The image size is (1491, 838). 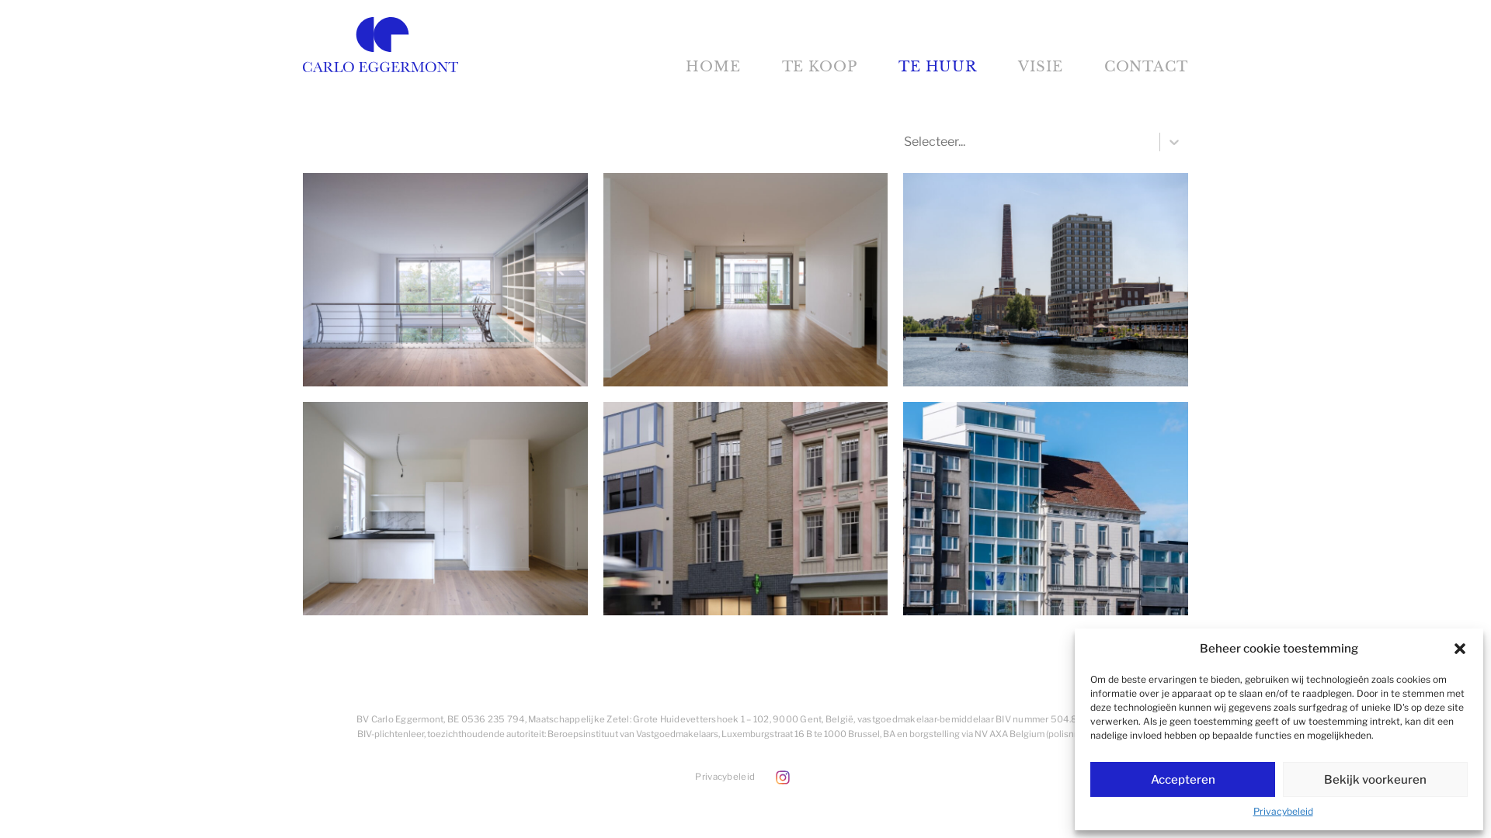 I want to click on 'Bekijk voorkeuren', so click(x=1375, y=779).